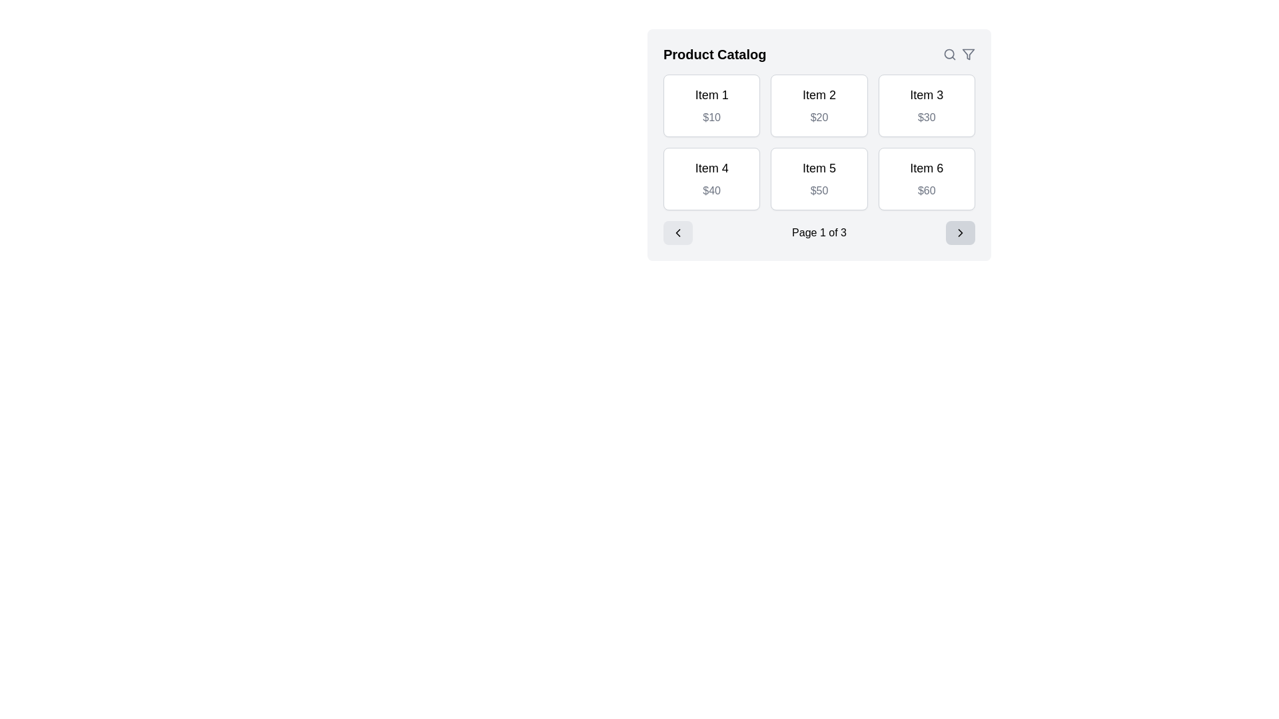  Describe the element at coordinates (969, 53) in the screenshot. I see `the filter icon located to the right of the search icon in the top-right corner of the interface` at that location.